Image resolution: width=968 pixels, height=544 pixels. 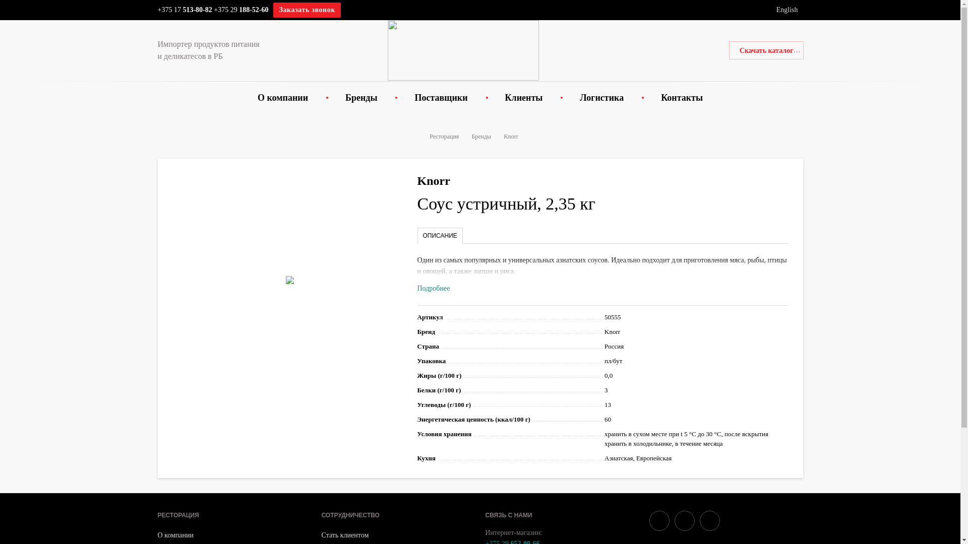 What do you see at coordinates (179, 10) in the screenshot?
I see `'+375 17 513-80'` at bounding box center [179, 10].